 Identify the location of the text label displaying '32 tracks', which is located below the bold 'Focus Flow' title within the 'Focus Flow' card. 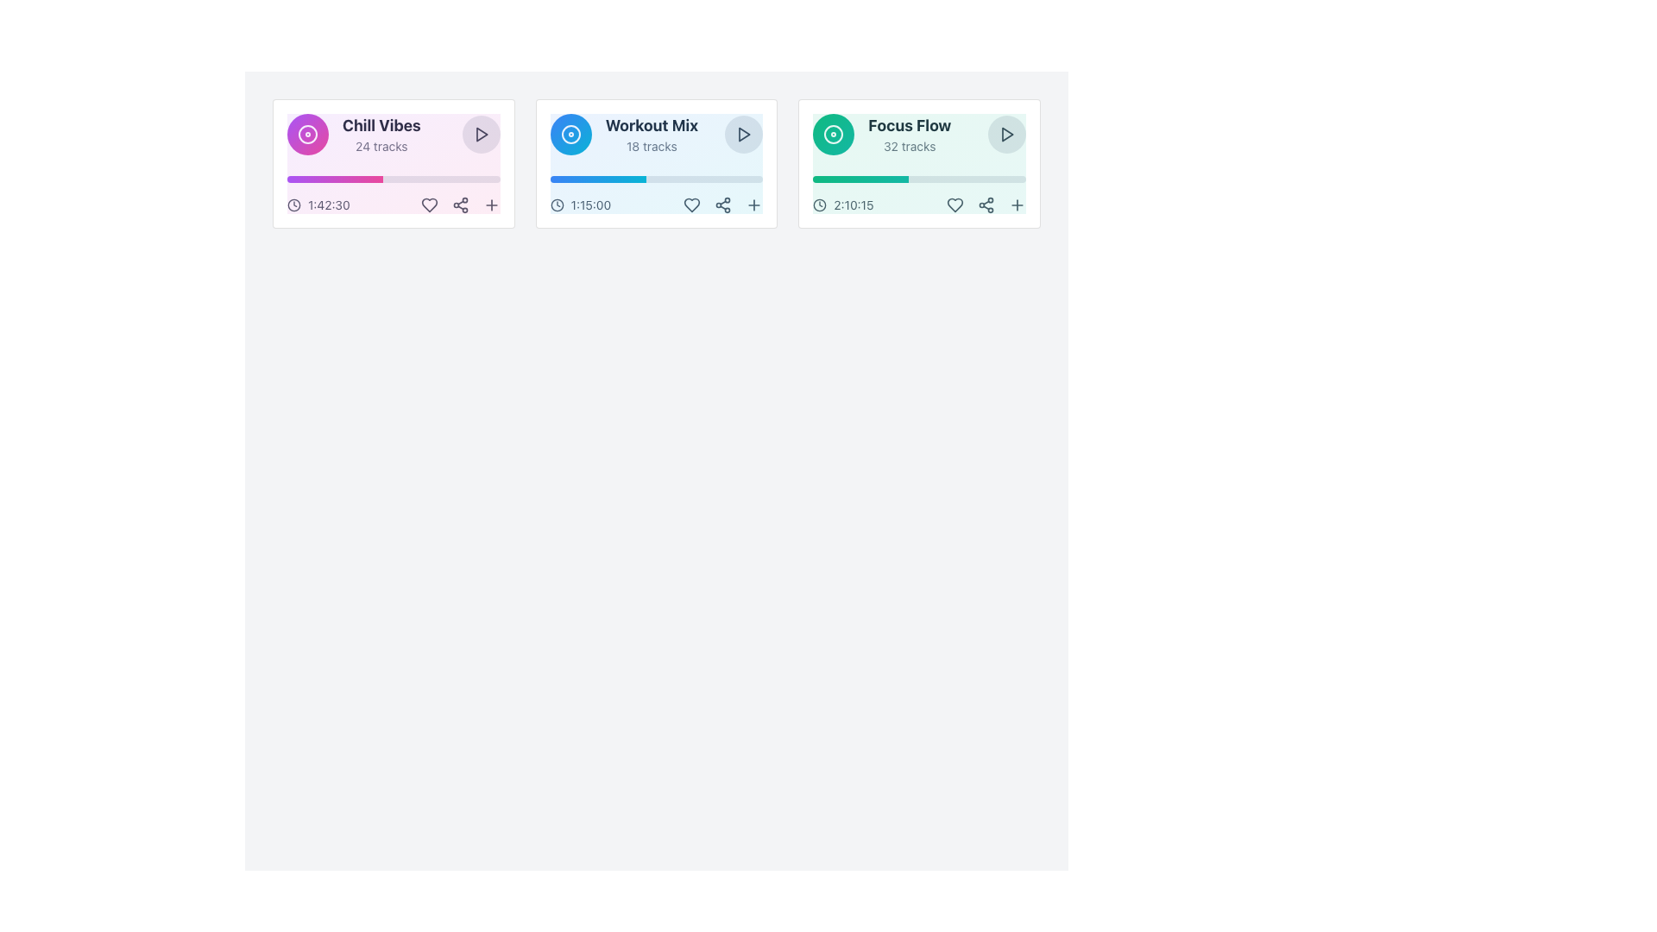
(909, 145).